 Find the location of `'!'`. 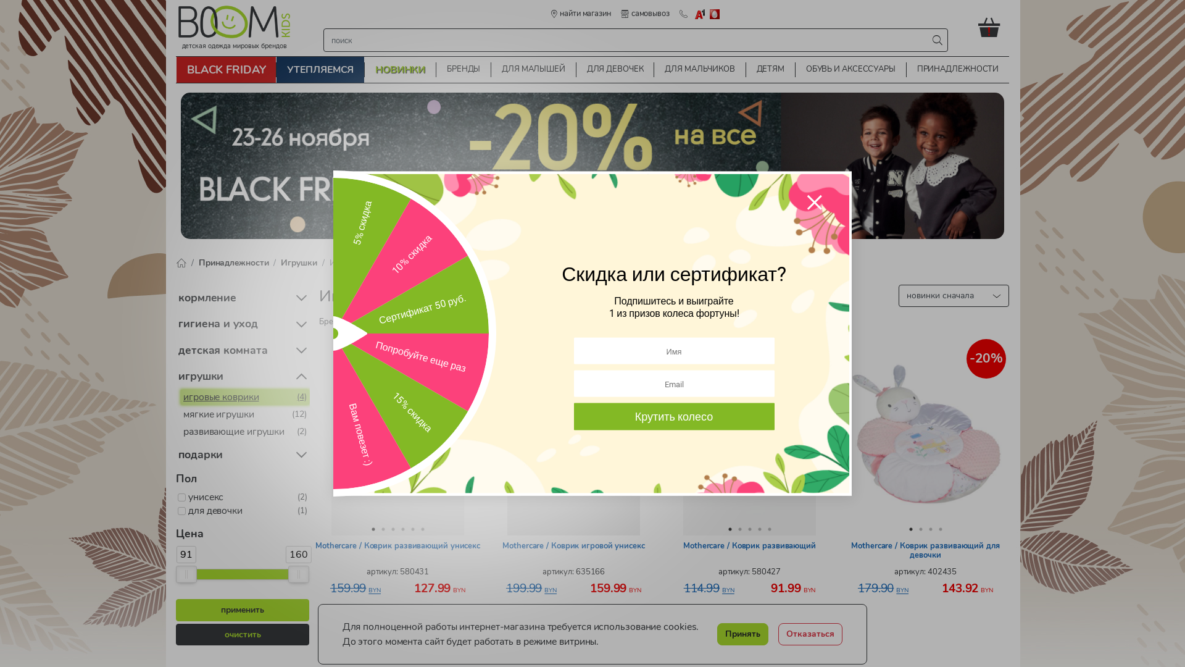

'!' is located at coordinates (993, 27).